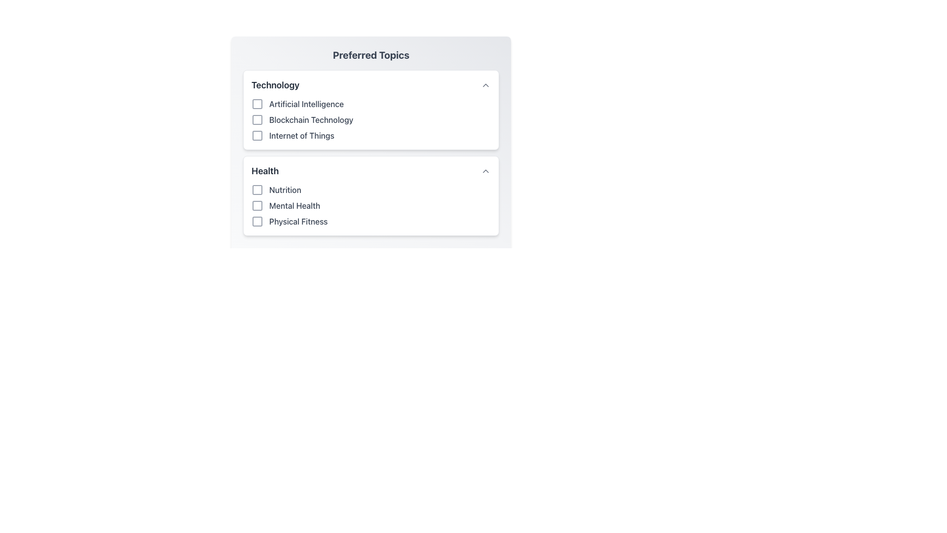  Describe the element at coordinates (257, 205) in the screenshot. I see `the checkbox for the 'Mental Health' option located in the 'Health' section of the interface` at that location.